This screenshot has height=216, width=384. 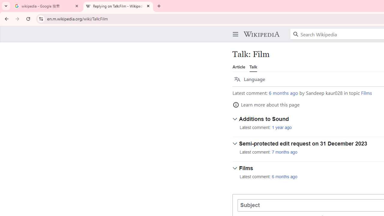 What do you see at coordinates (366, 93) in the screenshot?
I see `'Films'` at bounding box center [366, 93].